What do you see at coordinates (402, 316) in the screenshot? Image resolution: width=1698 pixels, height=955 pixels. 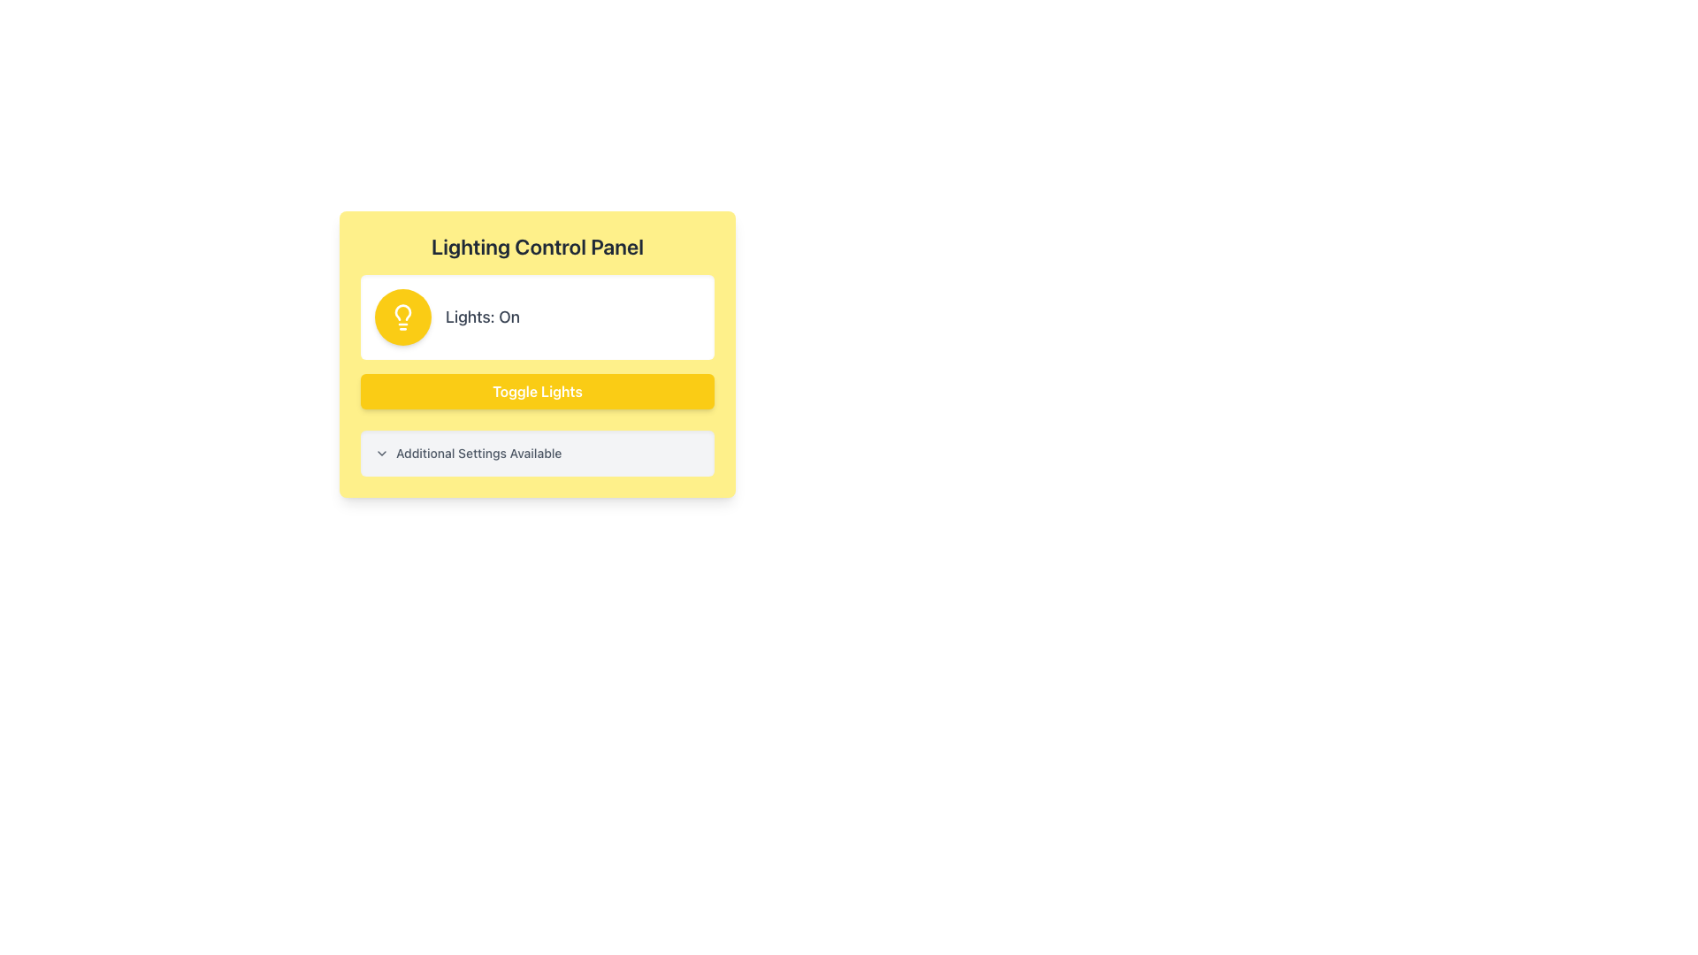 I see `the circular yellow icon with a white lightbulb symbol located to the left of the 'Lights: On' text in the 'Lighting Control Panel' interface` at bounding box center [402, 316].